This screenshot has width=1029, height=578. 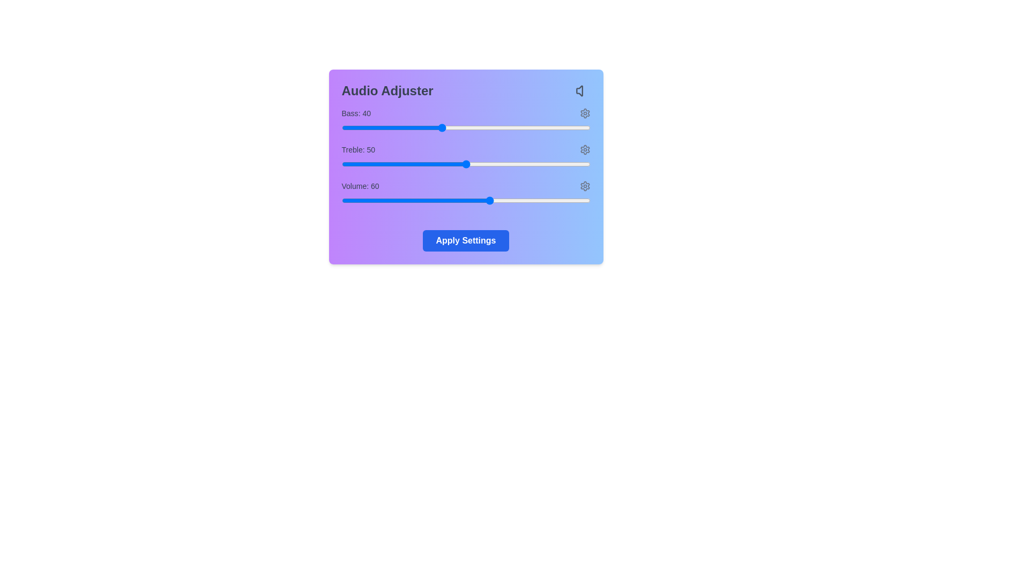 I want to click on the volume, so click(x=388, y=200).